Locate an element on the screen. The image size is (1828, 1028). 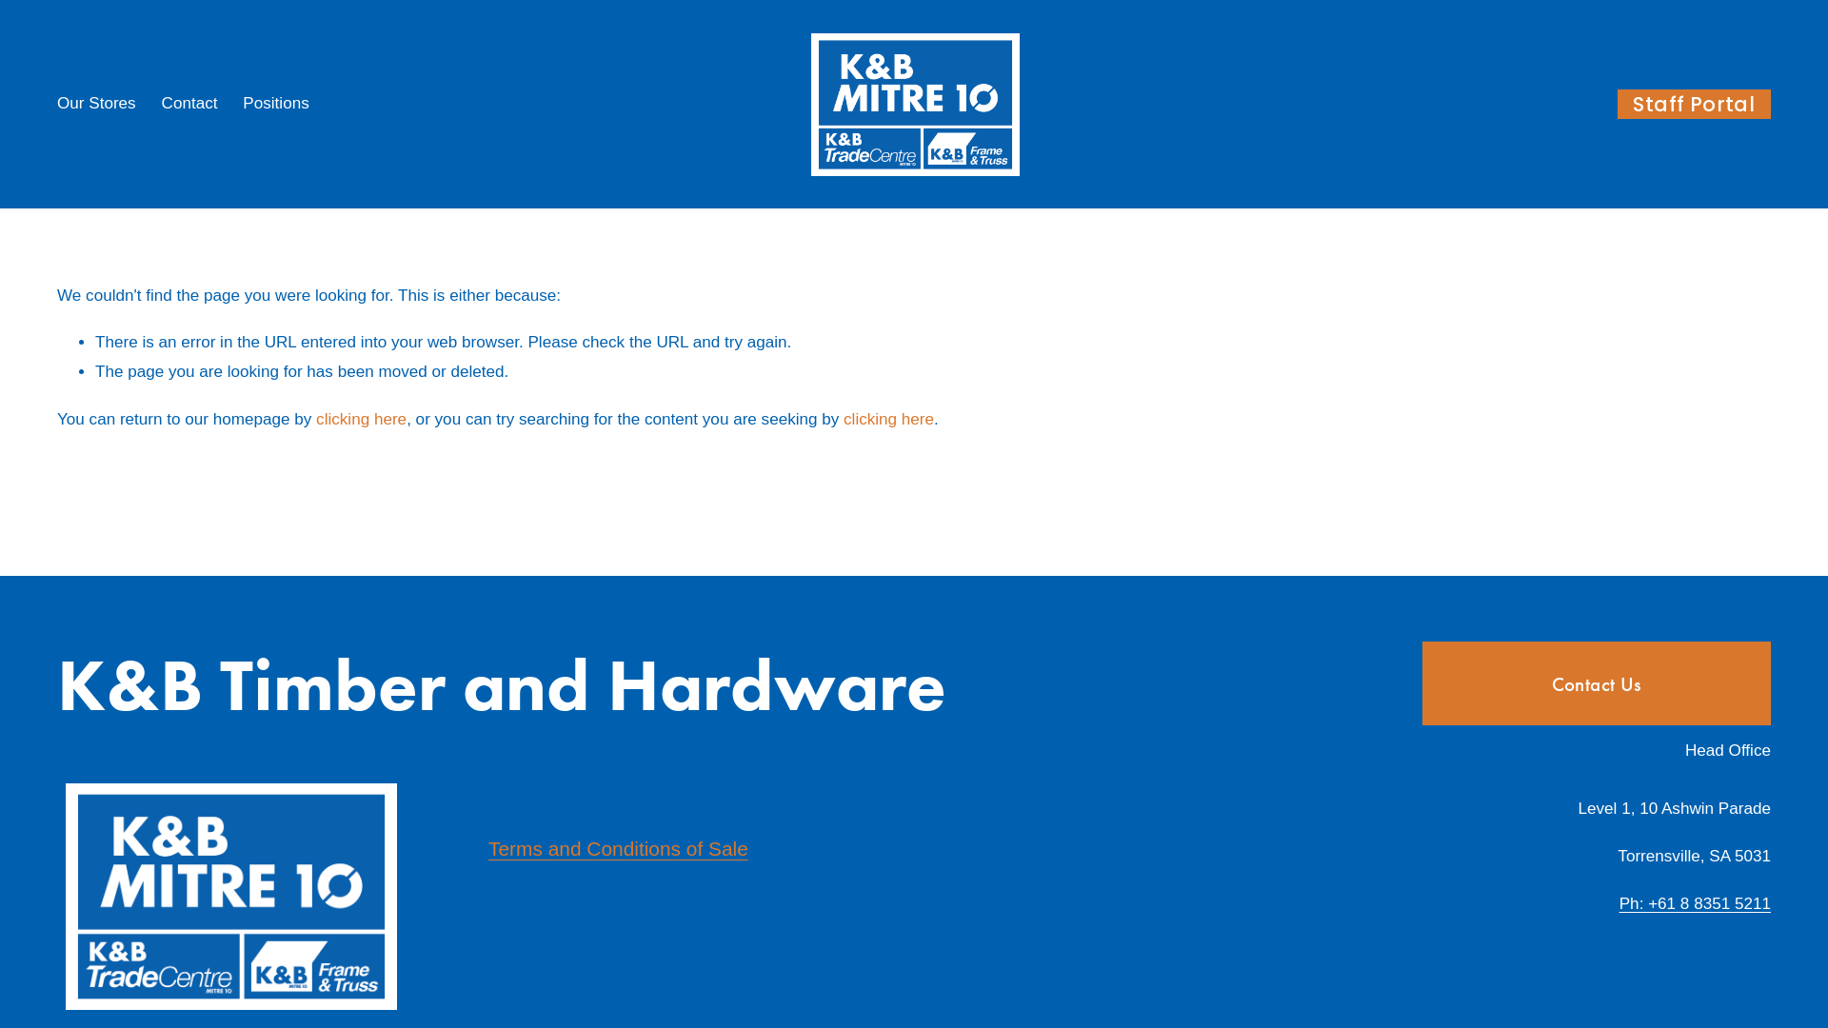
'Ph: +61 8 8351 5211' is located at coordinates (1695, 903).